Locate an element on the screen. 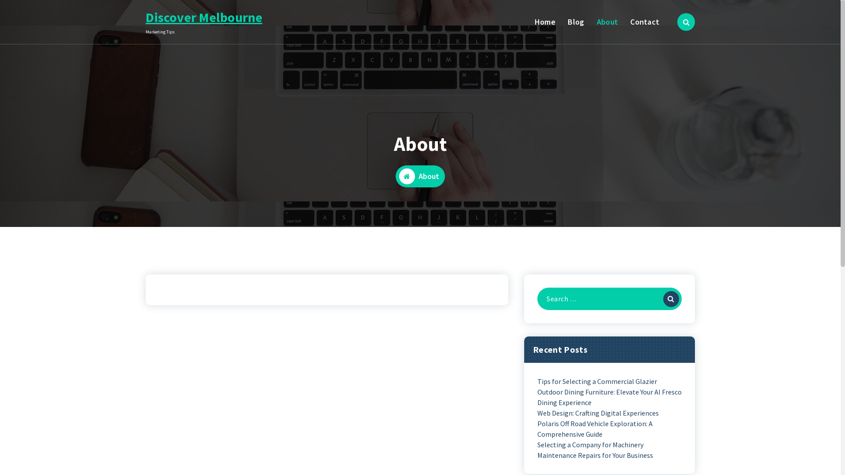 The height and width of the screenshot is (475, 845). 'Polaris Off Road Vehicle Exploration: A Comprehensive Guide' is located at coordinates (609, 428).